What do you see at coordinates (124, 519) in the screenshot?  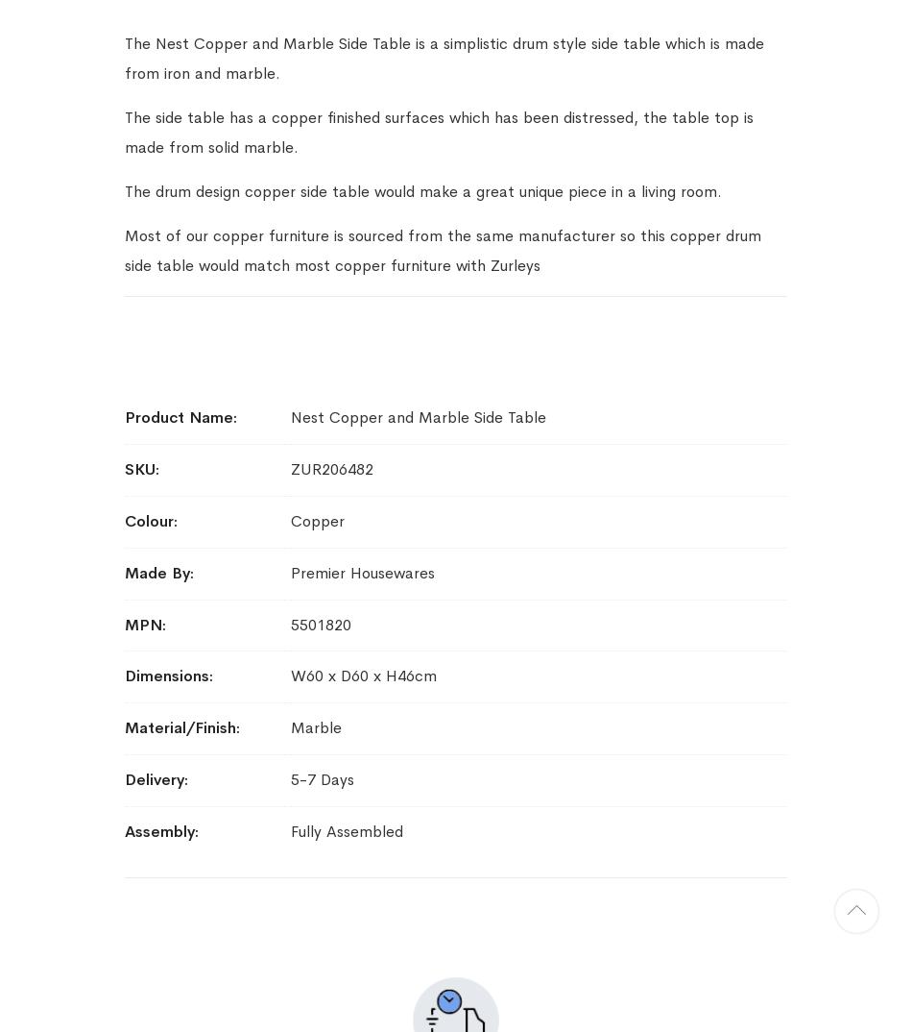 I see `'Colour'` at bounding box center [124, 519].